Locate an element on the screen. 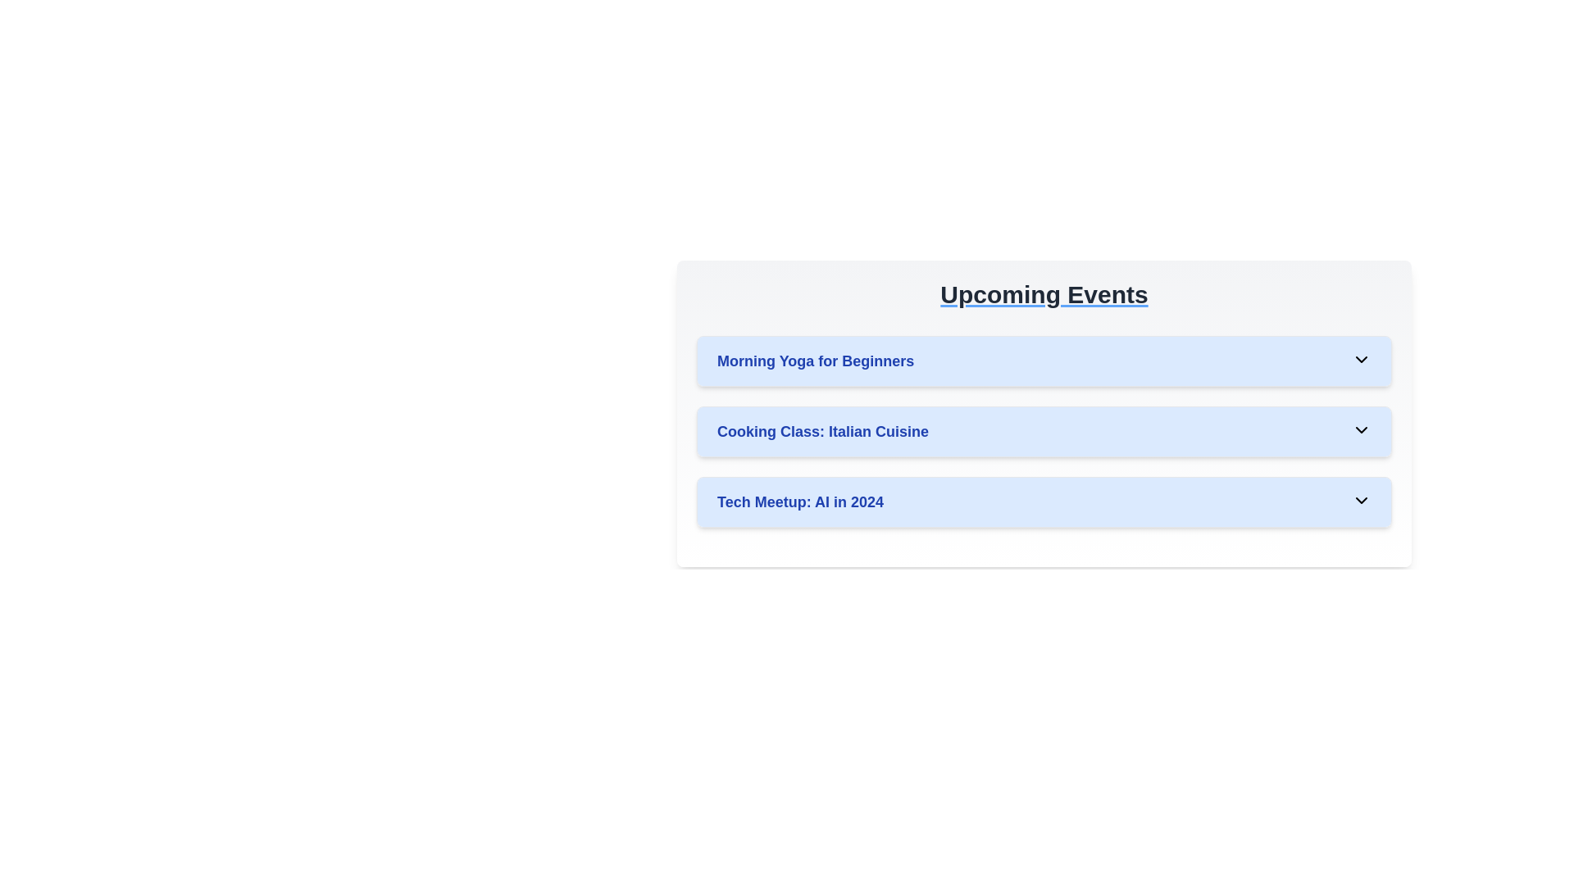 The image size is (1574, 885). the rectangular button labeled 'Tech Meetup: AI in 2024' to change its background color is located at coordinates (1043, 501).